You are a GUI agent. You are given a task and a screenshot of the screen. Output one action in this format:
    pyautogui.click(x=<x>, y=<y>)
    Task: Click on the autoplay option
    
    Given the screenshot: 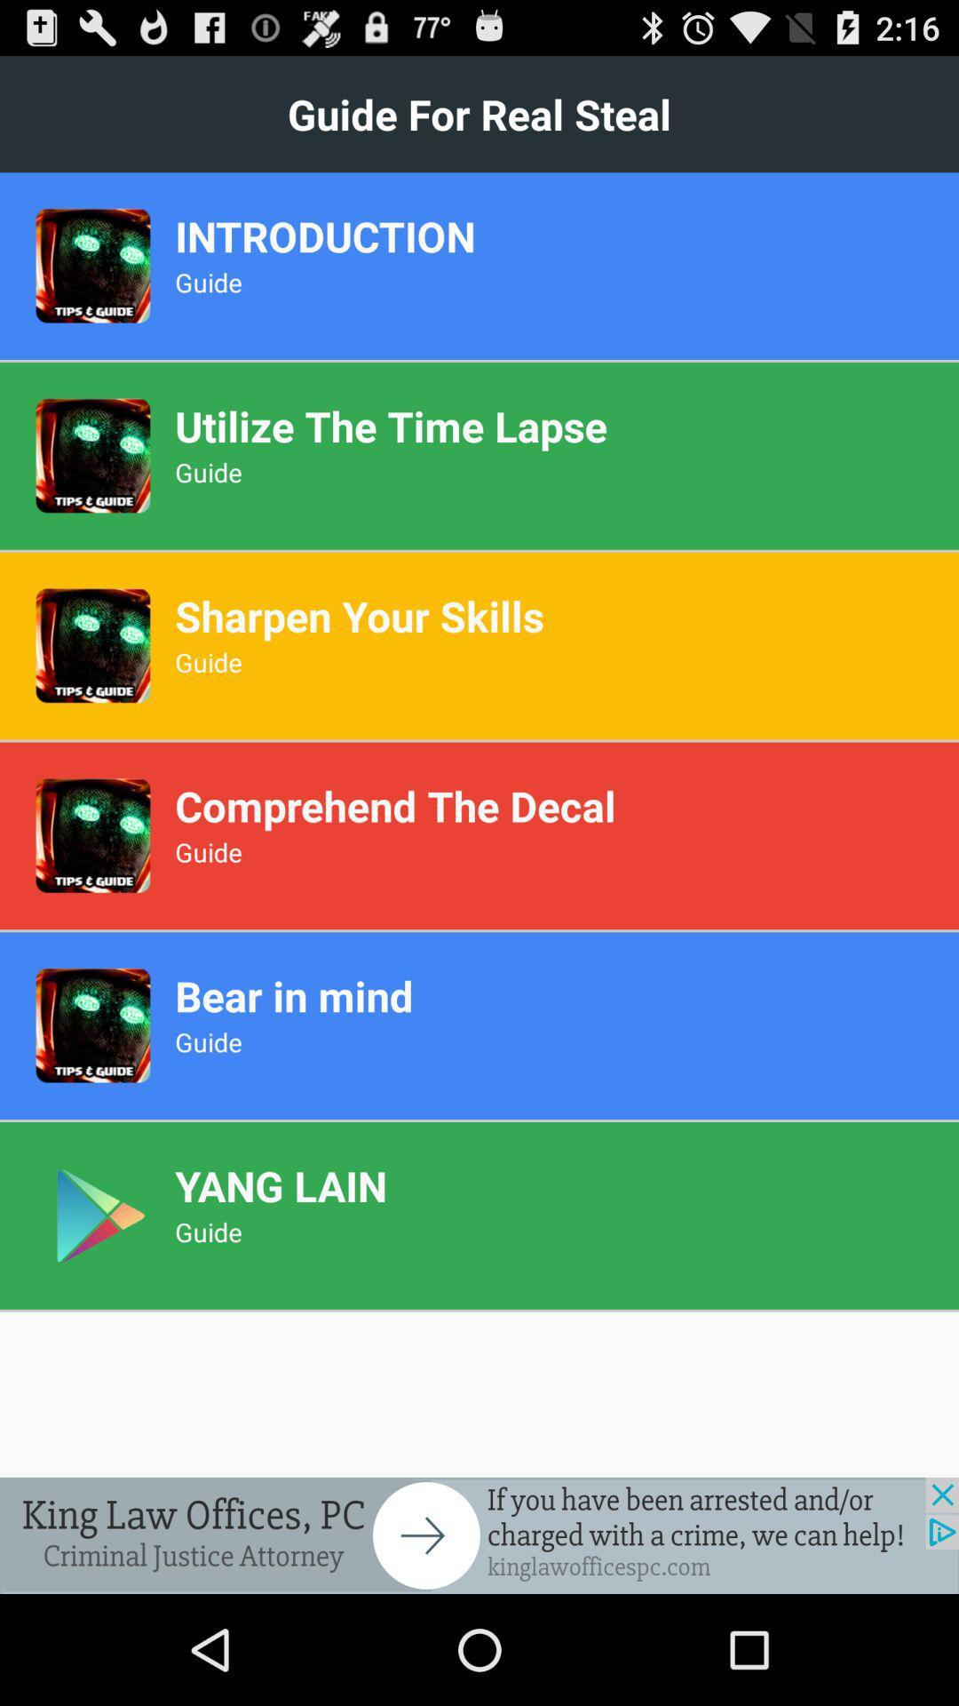 What is the action you would take?
    pyautogui.click(x=479, y=1535)
    